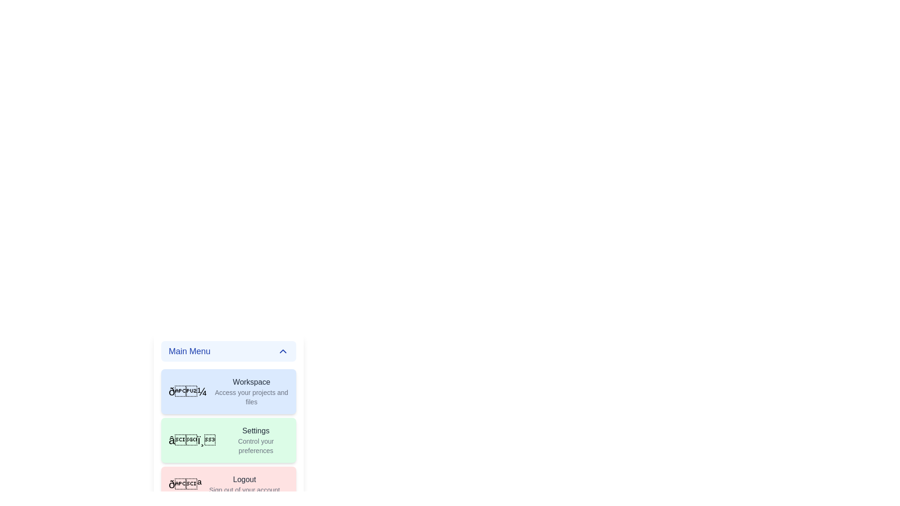  I want to click on the chevron-shaped upward arrow icon located to the right of the 'Main Menu' text label in the top section of the menu interface to trigger a tooltip or visual effect, so click(283, 351).